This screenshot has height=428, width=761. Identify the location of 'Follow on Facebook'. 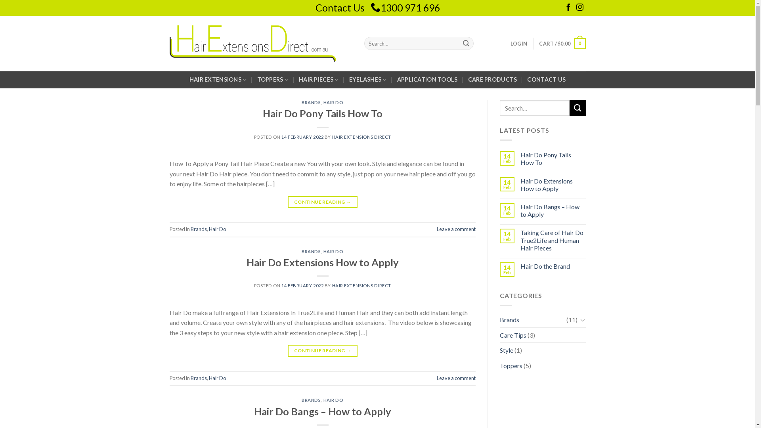
(568, 8).